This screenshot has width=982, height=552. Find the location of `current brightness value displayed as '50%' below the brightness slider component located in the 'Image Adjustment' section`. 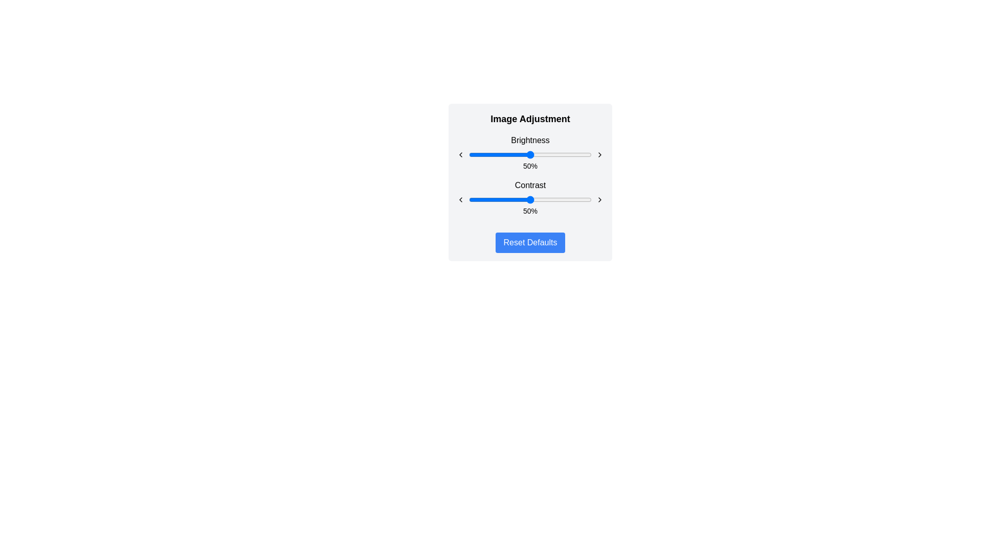

current brightness value displayed as '50%' below the brightness slider component located in the 'Image Adjustment' section is located at coordinates (530, 153).